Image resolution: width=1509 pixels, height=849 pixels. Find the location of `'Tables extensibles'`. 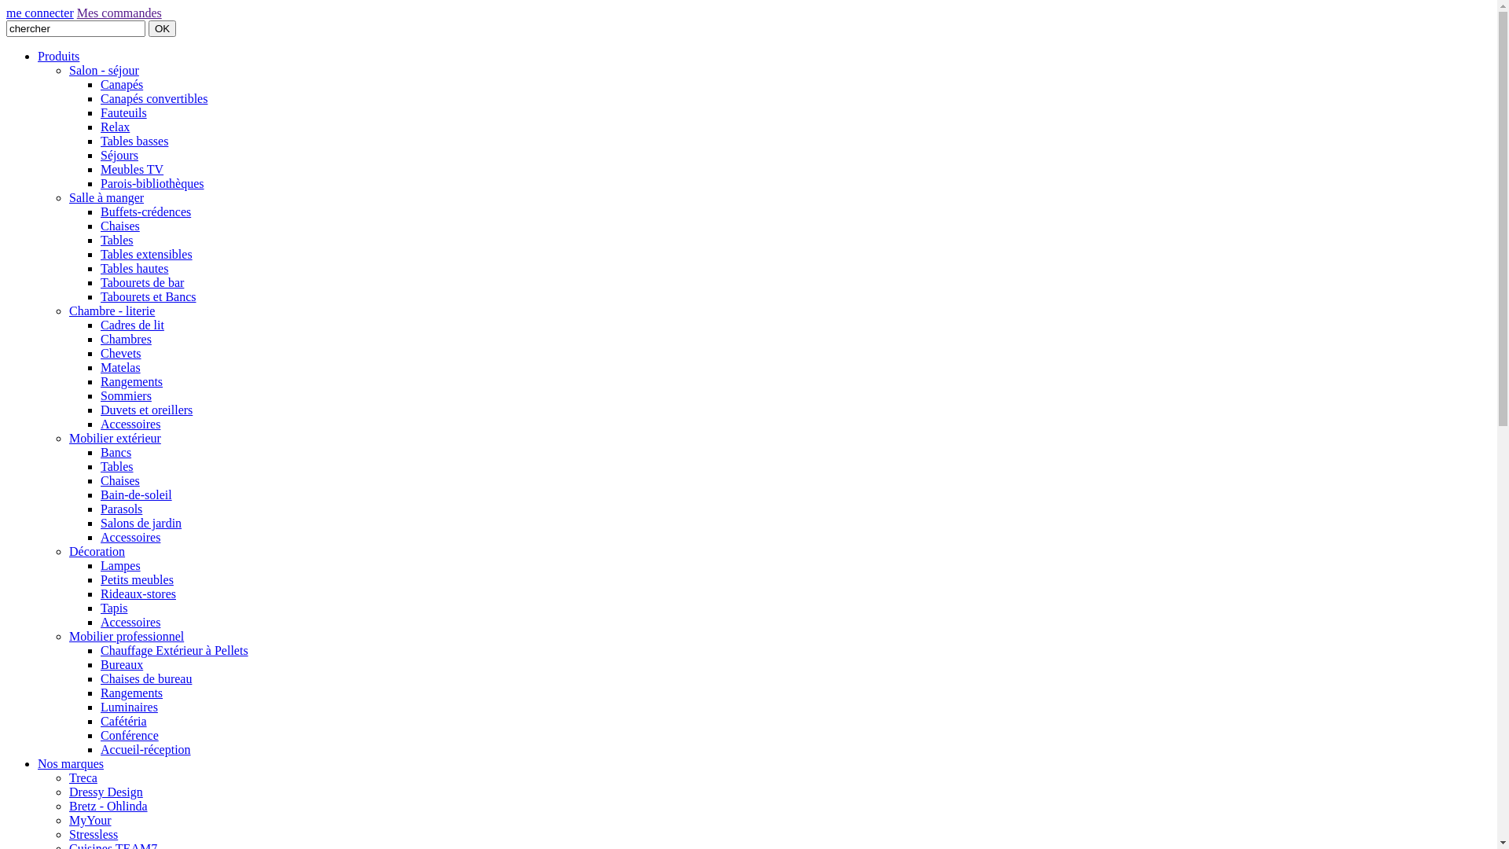

'Tables extensibles' is located at coordinates (146, 253).